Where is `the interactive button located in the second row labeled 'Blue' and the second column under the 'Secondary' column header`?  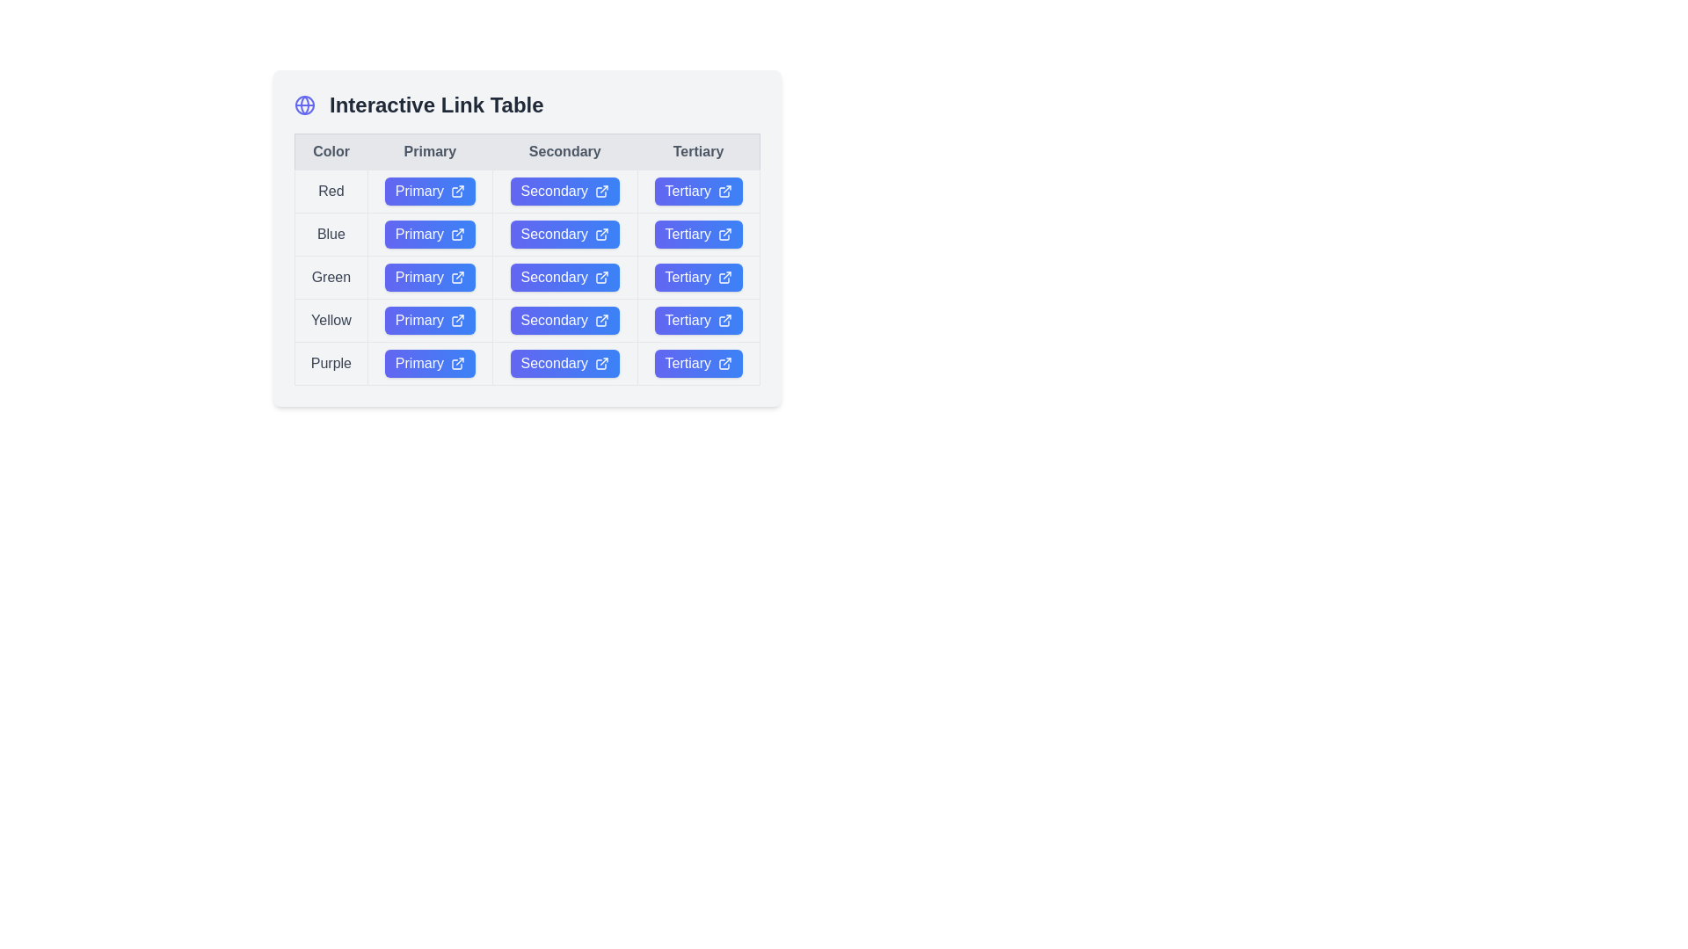 the interactive button located in the second row labeled 'Blue' and the second column under the 'Secondary' column header is located at coordinates (527, 238).